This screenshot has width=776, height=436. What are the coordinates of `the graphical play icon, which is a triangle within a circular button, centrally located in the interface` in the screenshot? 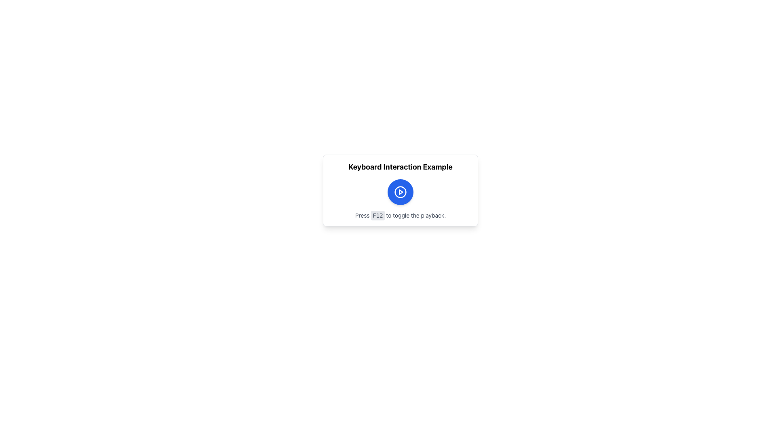 It's located at (401, 192).